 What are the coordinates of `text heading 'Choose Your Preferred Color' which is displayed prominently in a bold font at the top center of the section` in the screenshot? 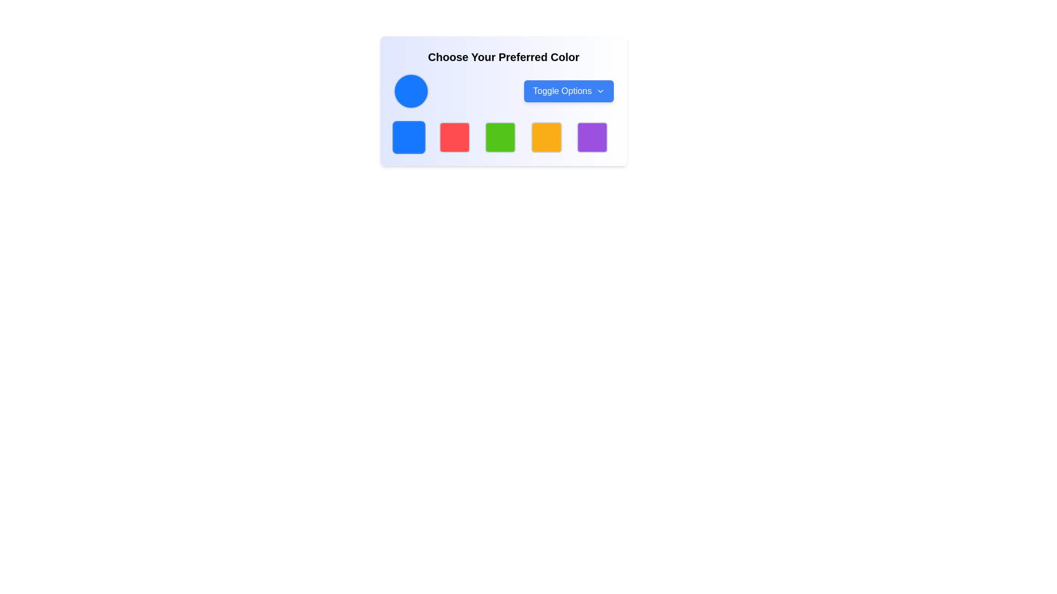 It's located at (503, 57).